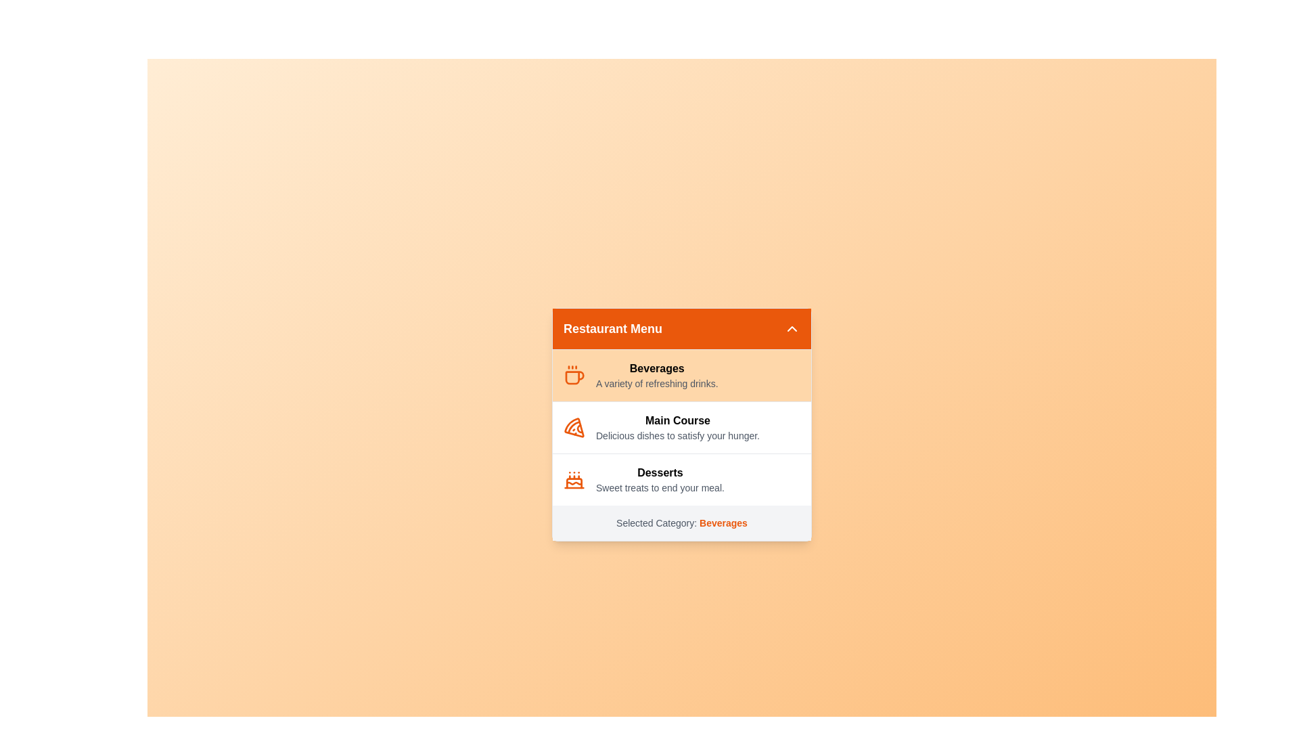  What do you see at coordinates (682, 427) in the screenshot?
I see `the category Main Course from the list` at bounding box center [682, 427].